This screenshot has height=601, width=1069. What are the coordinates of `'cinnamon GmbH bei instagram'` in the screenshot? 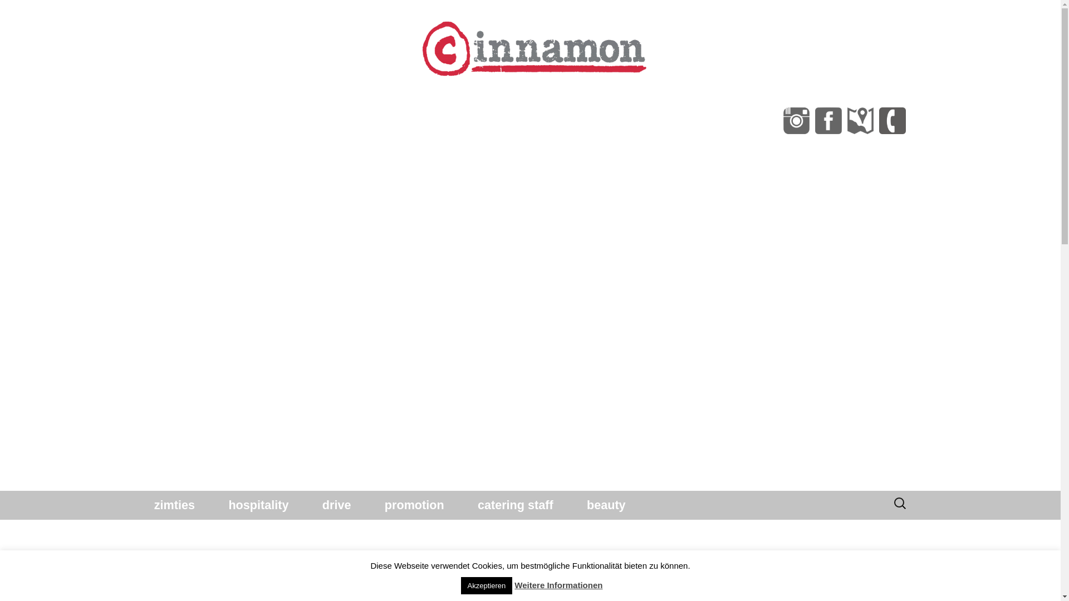 It's located at (796, 120).